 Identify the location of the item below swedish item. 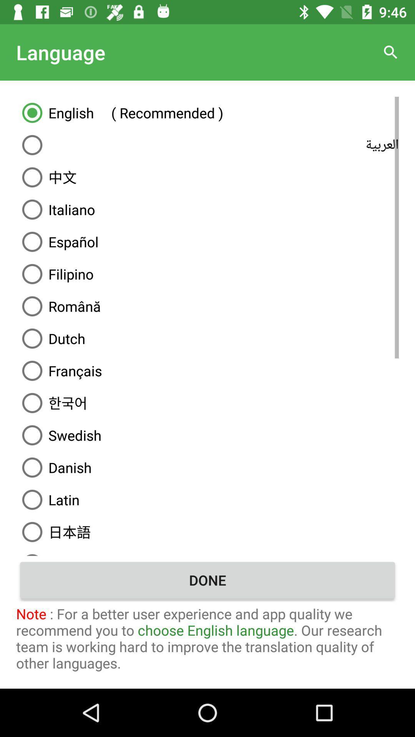
(207, 467).